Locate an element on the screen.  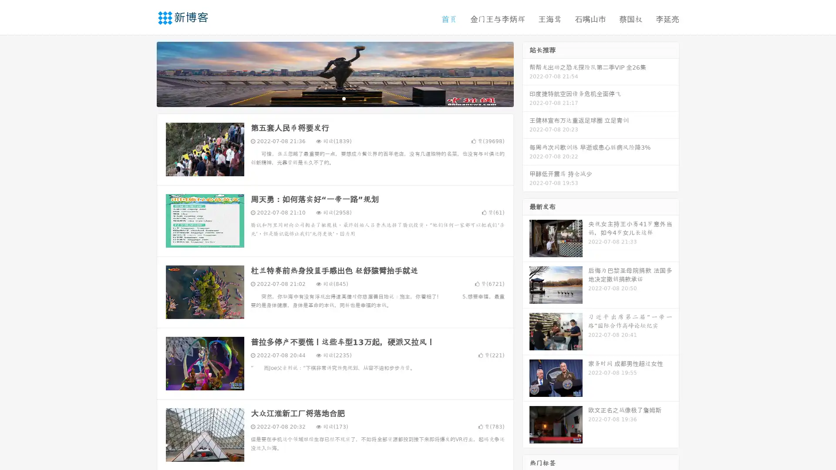
Go to slide 1 is located at coordinates (326, 98).